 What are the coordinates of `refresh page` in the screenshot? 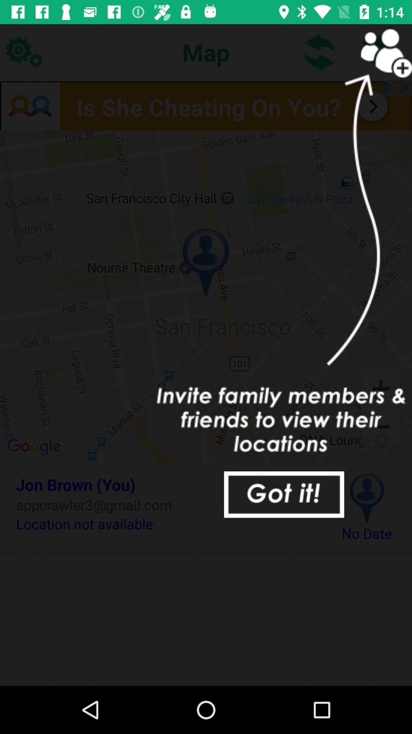 It's located at (320, 52).